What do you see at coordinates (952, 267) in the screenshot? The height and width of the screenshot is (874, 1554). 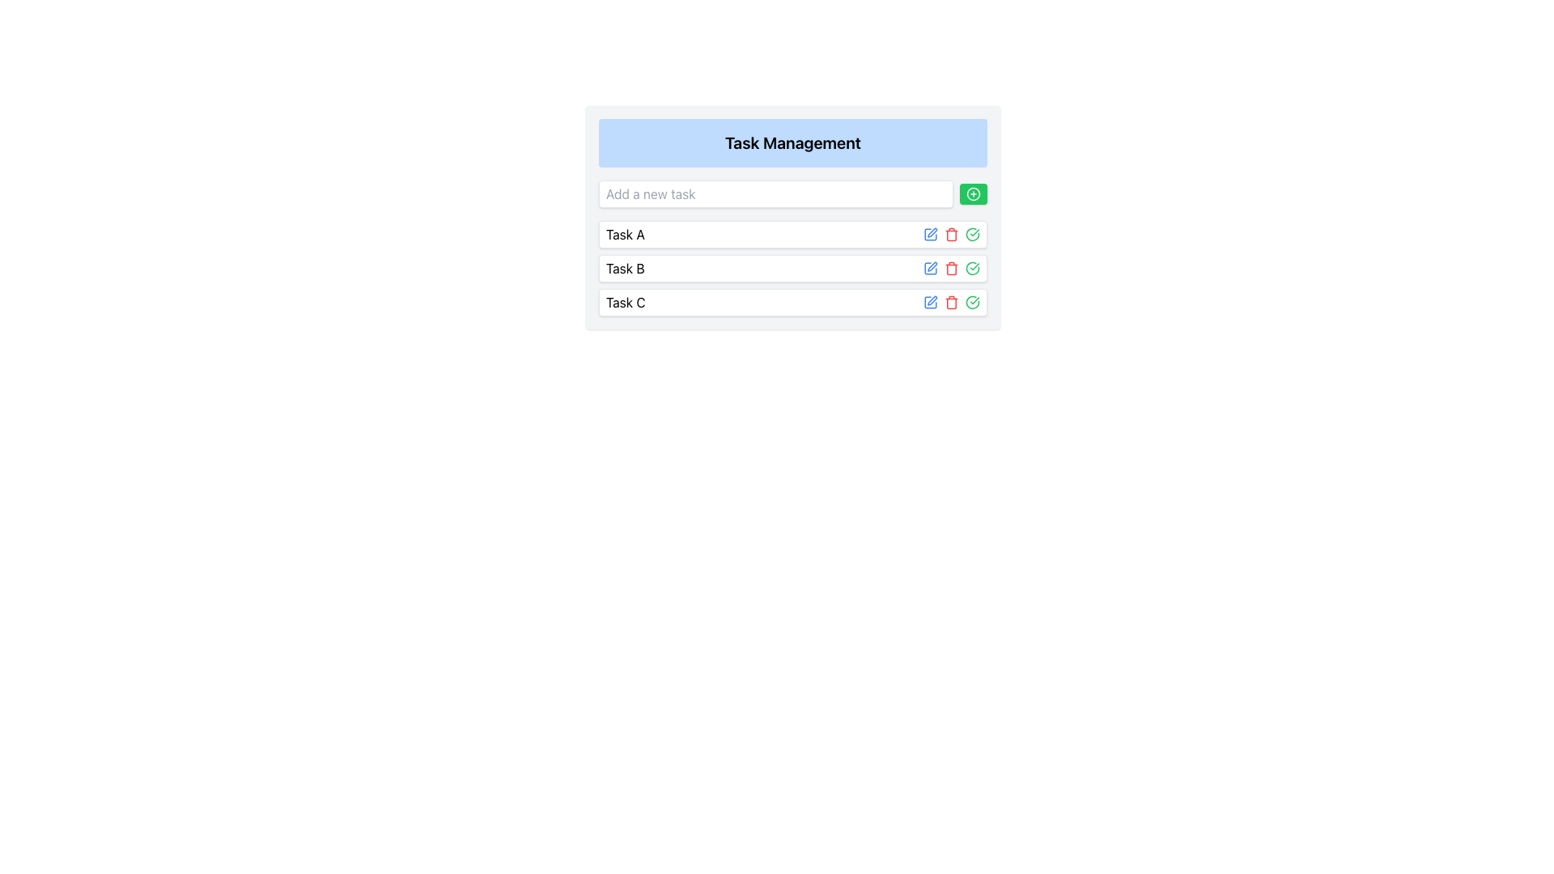 I see `the delete button located in the 'Task B' row of the task list` at bounding box center [952, 267].